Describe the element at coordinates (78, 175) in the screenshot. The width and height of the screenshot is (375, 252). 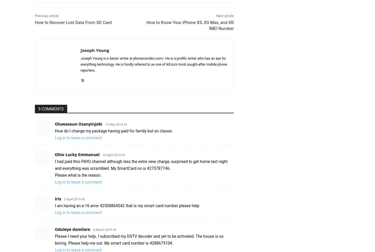
I see `'Please what is the reason.'` at that location.